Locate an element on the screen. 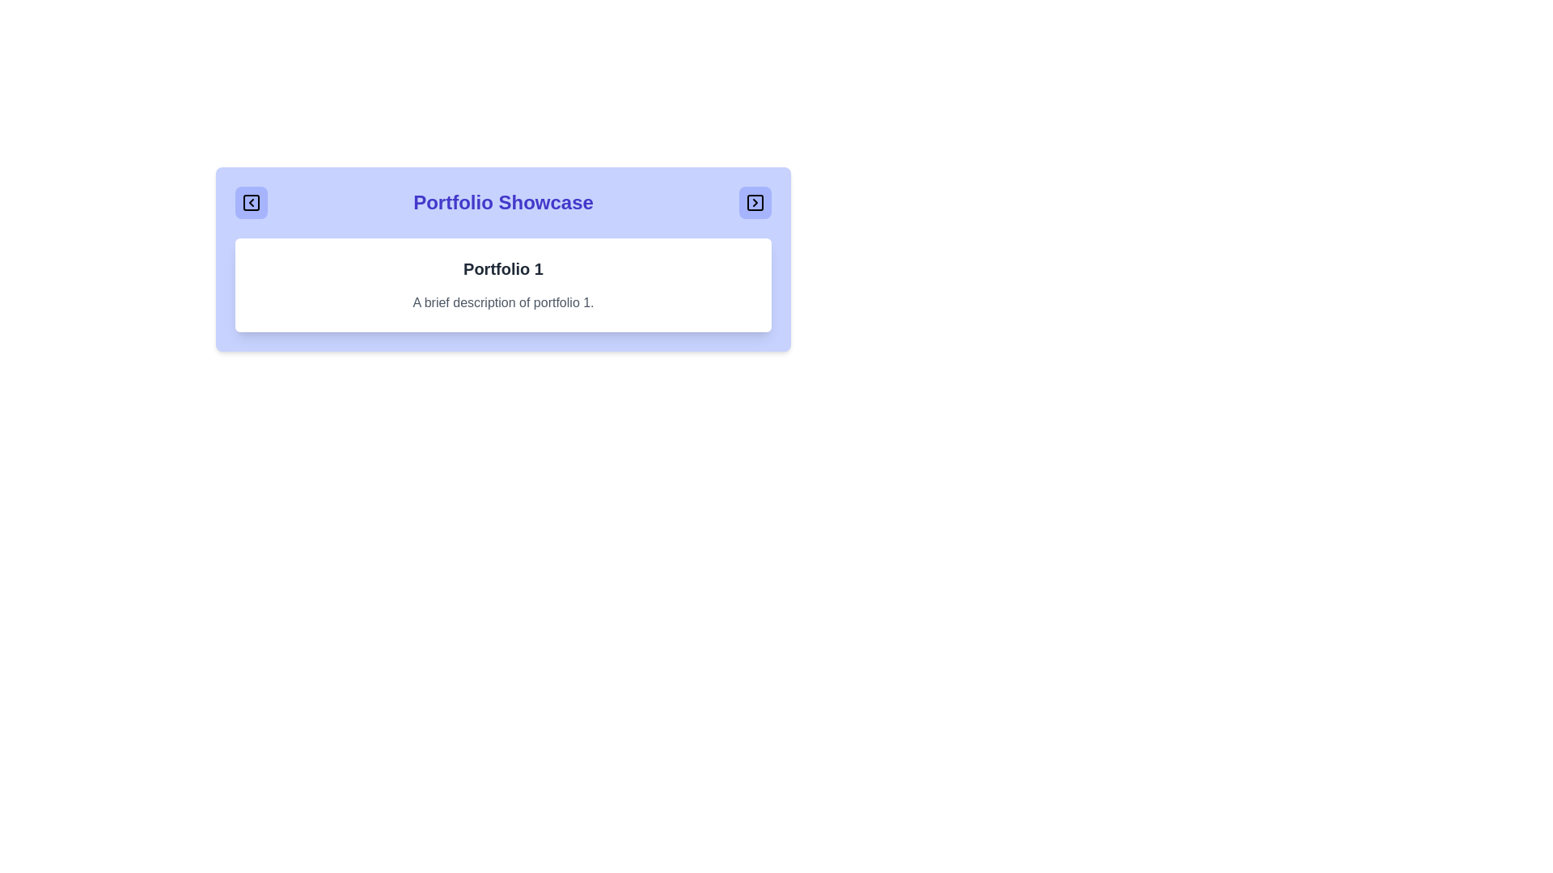 Image resolution: width=1553 pixels, height=873 pixels. the 'Portfolio Showcase' text label located at the topmost section of the card widget, which serves as a title for the portfolio showcase is located at coordinates (502, 201).